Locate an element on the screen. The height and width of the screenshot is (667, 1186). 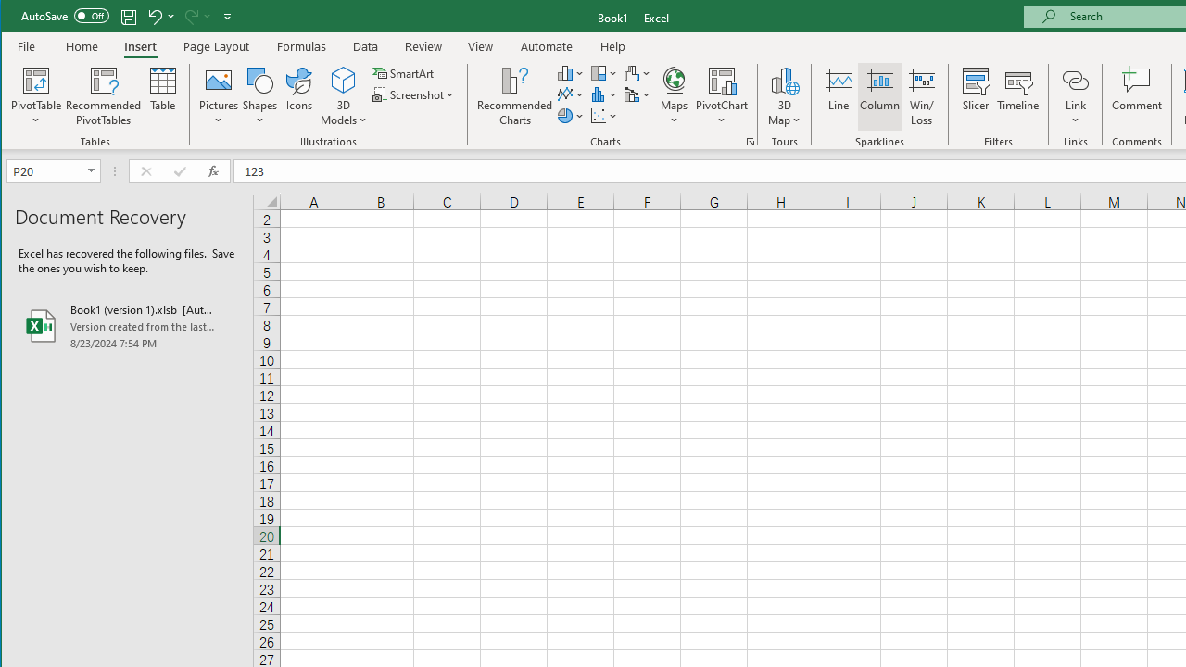
'Timeline' is located at coordinates (1016, 96).